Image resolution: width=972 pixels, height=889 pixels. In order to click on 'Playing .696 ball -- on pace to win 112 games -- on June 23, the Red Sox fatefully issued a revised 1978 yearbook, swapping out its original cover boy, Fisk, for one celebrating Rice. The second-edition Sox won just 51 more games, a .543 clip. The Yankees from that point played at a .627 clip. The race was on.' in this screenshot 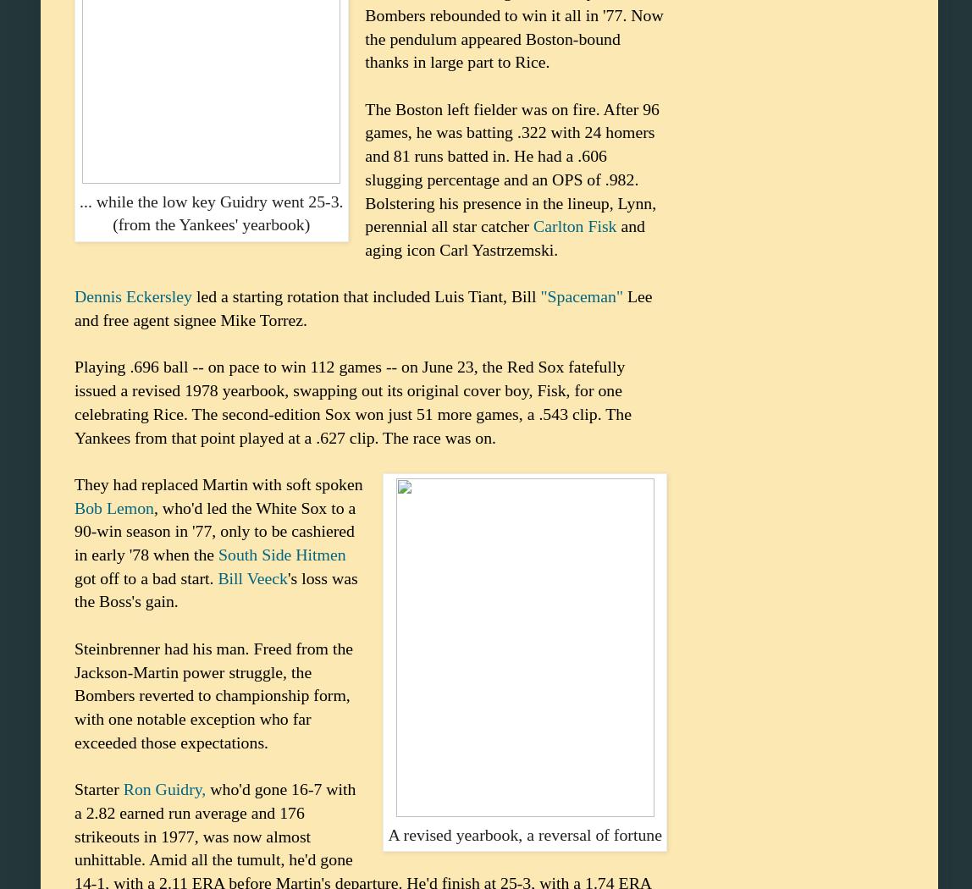, I will do `click(75, 401)`.